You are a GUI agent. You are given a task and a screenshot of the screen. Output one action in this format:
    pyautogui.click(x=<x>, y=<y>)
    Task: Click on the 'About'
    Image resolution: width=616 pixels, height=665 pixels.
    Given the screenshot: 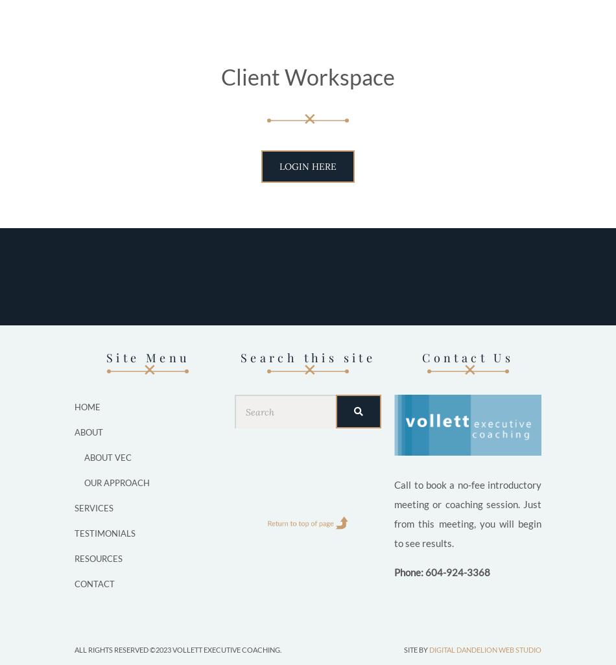 What is the action you would take?
    pyautogui.click(x=88, y=431)
    